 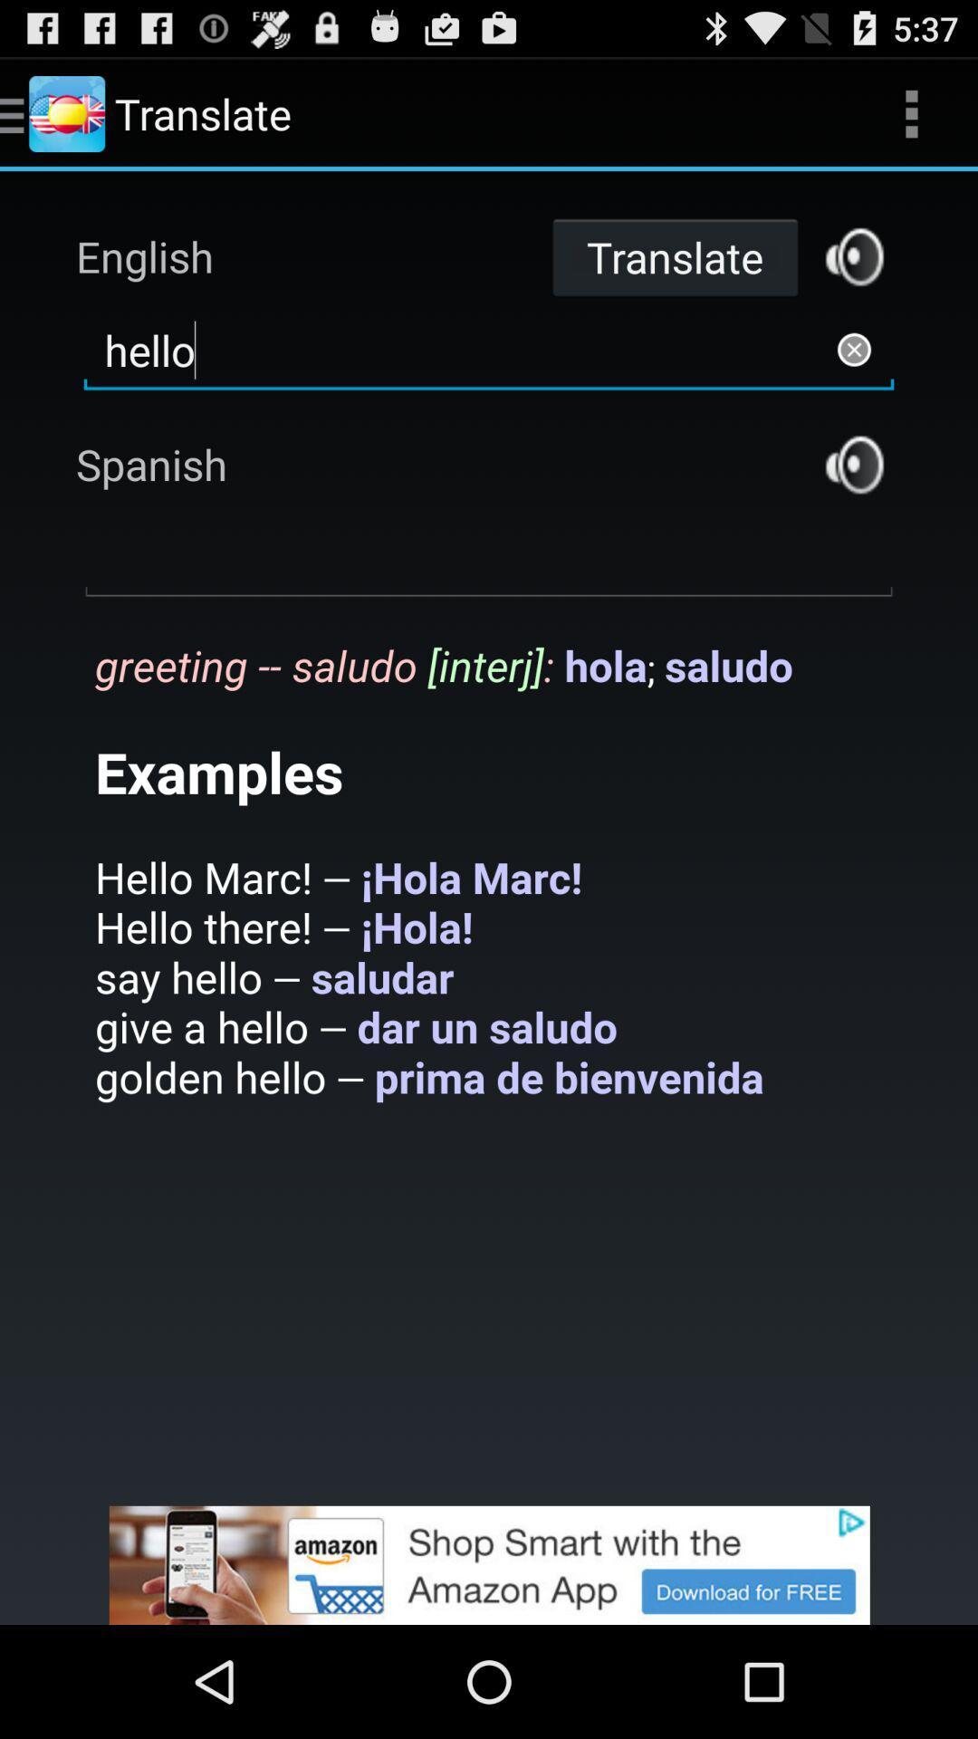 I want to click on the volume icon, so click(x=854, y=497).